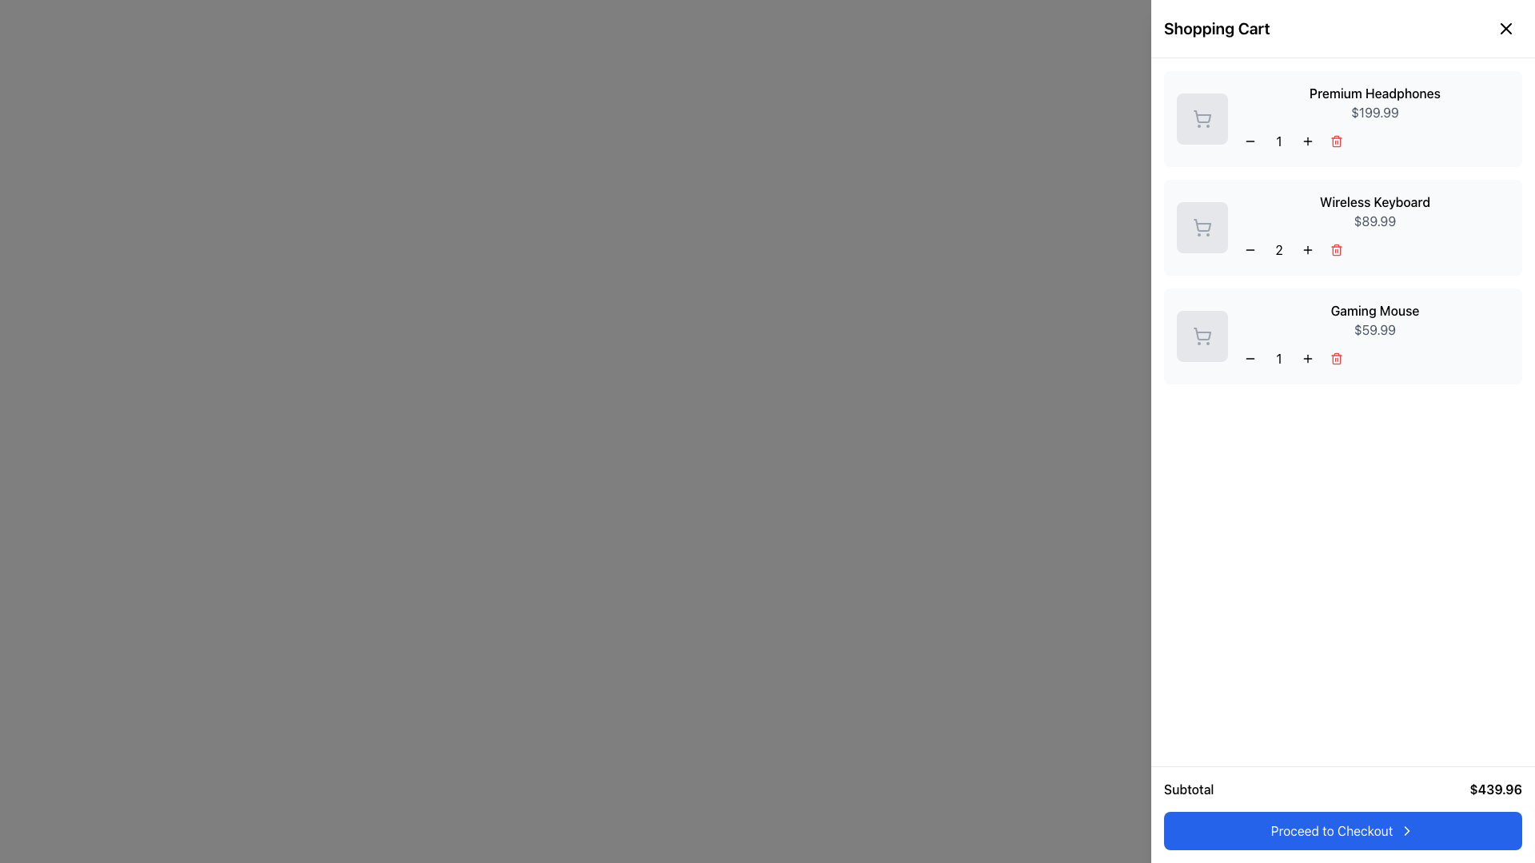 This screenshot has height=863, width=1535. Describe the element at coordinates (1374, 328) in the screenshot. I see `the price display of the 'Gaming Mouse' product located beneath its title and above the quantity controls in the shopping cart` at that location.